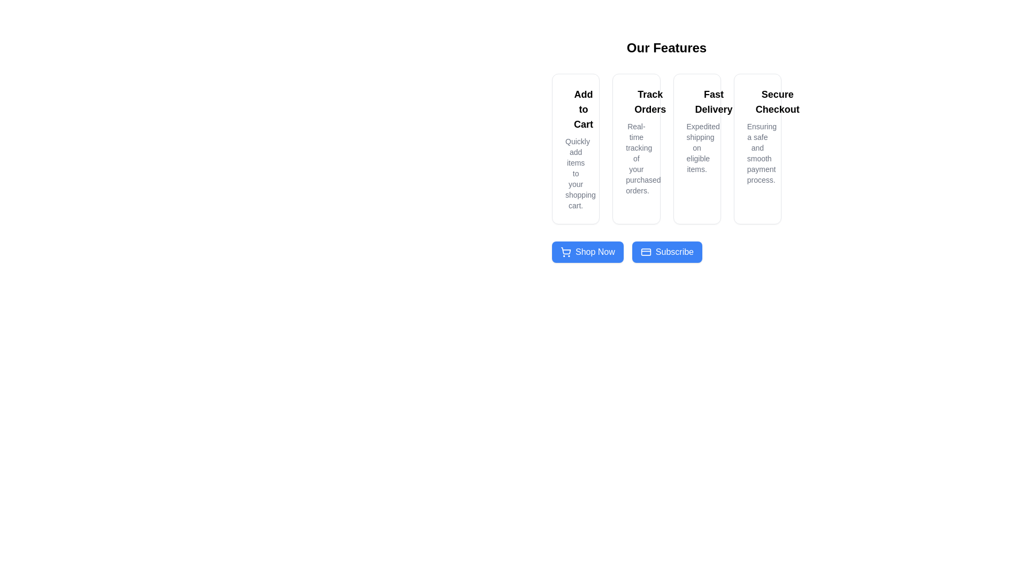 The width and height of the screenshot is (1027, 577). What do you see at coordinates (714, 102) in the screenshot?
I see `the text label that serves as the title for the 'Fast Delivery' feature, which is positioned as the headline text of the third card in a horizontal set of four feature cards` at bounding box center [714, 102].